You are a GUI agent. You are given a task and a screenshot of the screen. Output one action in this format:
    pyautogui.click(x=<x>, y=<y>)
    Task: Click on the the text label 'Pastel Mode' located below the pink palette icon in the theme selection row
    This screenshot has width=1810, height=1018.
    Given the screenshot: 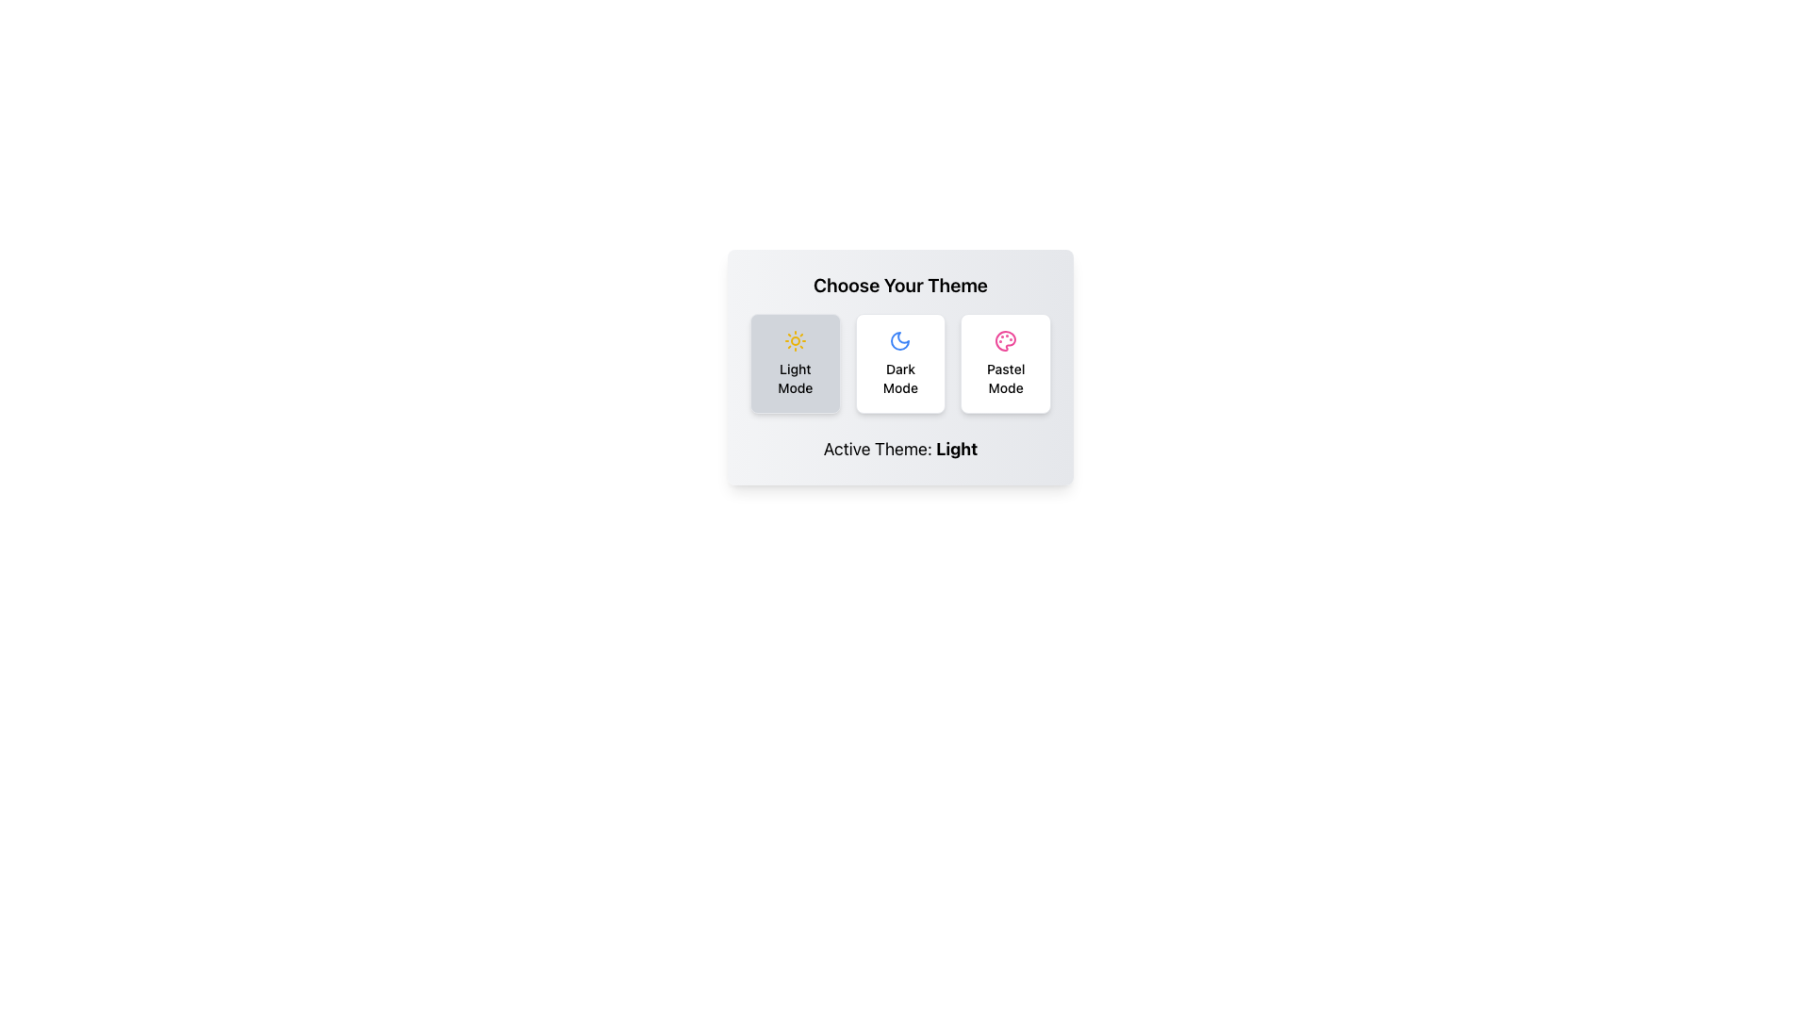 What is the action you would take?
    pyautogui.click(x=1005, y=378)
    